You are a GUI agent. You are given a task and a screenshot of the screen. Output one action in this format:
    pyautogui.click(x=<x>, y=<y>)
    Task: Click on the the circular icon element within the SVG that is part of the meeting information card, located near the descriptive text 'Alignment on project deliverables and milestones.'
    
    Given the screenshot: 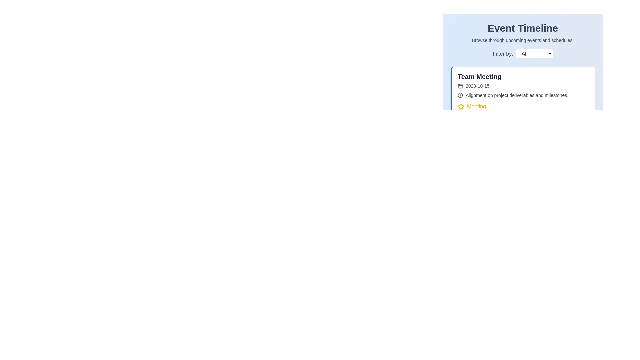 What is the action you would take?
    pyautogui.click(x=460, y=95)
    